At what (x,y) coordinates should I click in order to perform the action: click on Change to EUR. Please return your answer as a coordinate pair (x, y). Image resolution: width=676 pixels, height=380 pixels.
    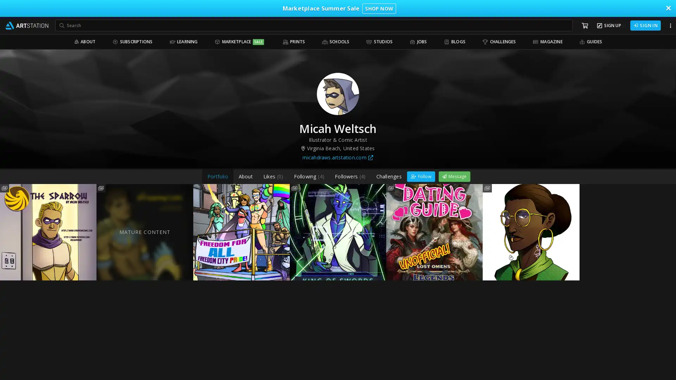
    Looking at the image, I should click on (381, 150).